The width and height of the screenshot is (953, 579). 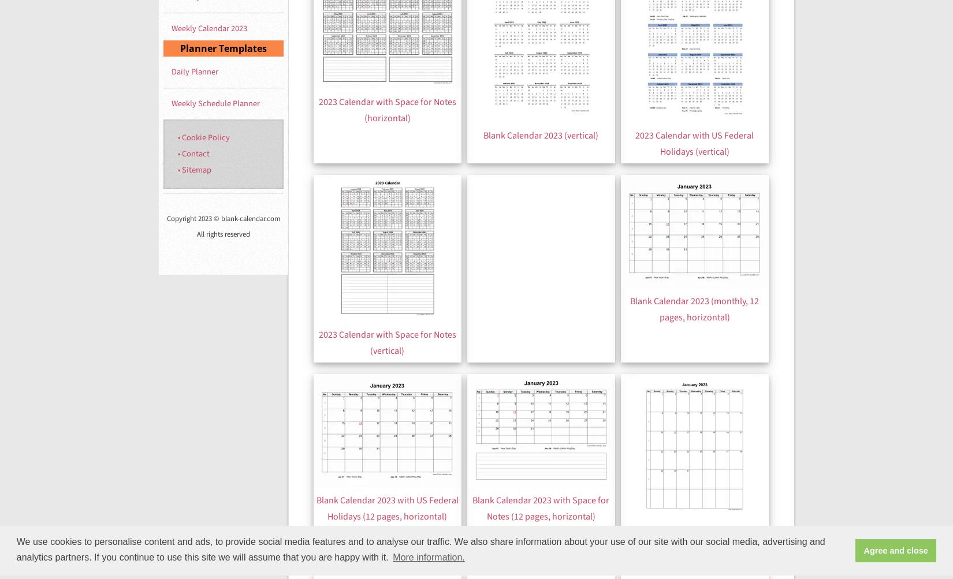 What do you see at coordinates (386, 341) in the screenshot?
I see `'2023 Calendar with Space for Notes (vertical)'` at bounding box center [386, 341].